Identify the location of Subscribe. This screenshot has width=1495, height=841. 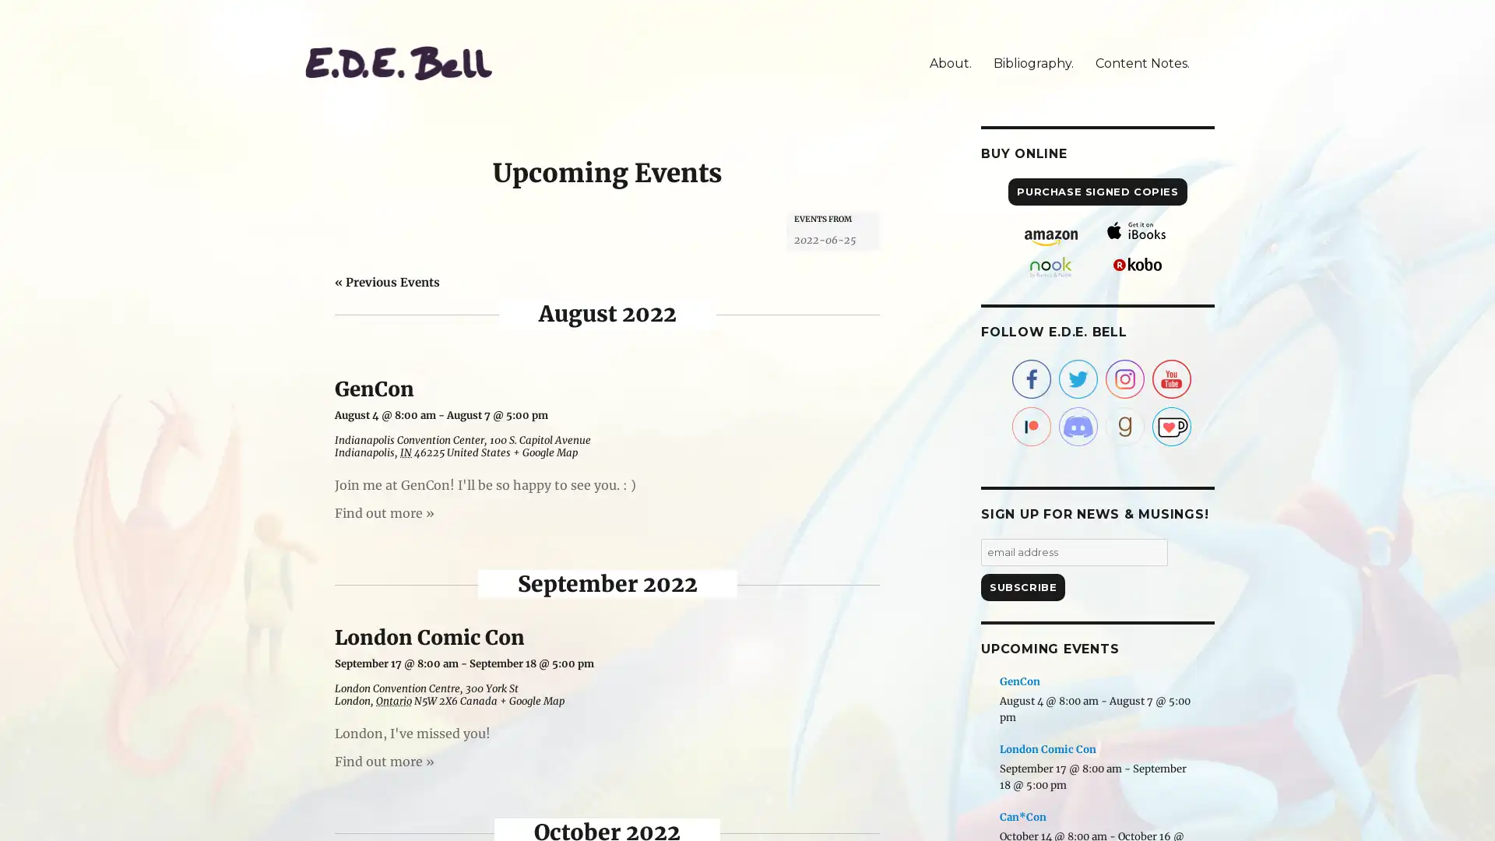
(1023, 587).